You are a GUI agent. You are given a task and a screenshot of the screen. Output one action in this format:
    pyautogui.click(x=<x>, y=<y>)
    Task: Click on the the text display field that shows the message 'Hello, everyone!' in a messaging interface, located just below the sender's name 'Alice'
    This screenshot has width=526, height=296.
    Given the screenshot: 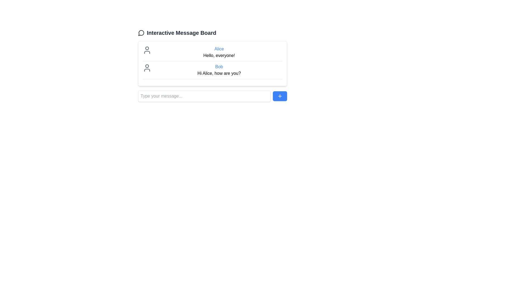 What is the action you would take?
    pyautogui.click(x=219, y=56)
    